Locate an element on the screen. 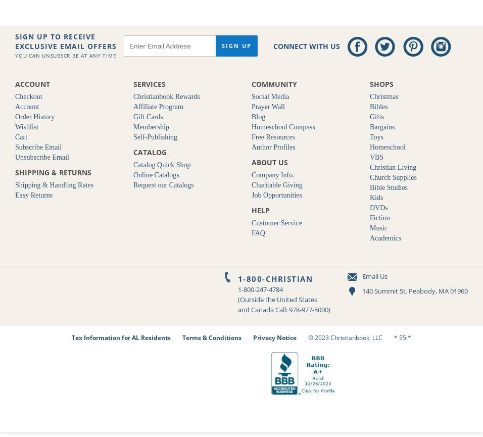 The image size is (483, 437). 'Tax Information for AL Residents' is located at coordinates (121, 337).